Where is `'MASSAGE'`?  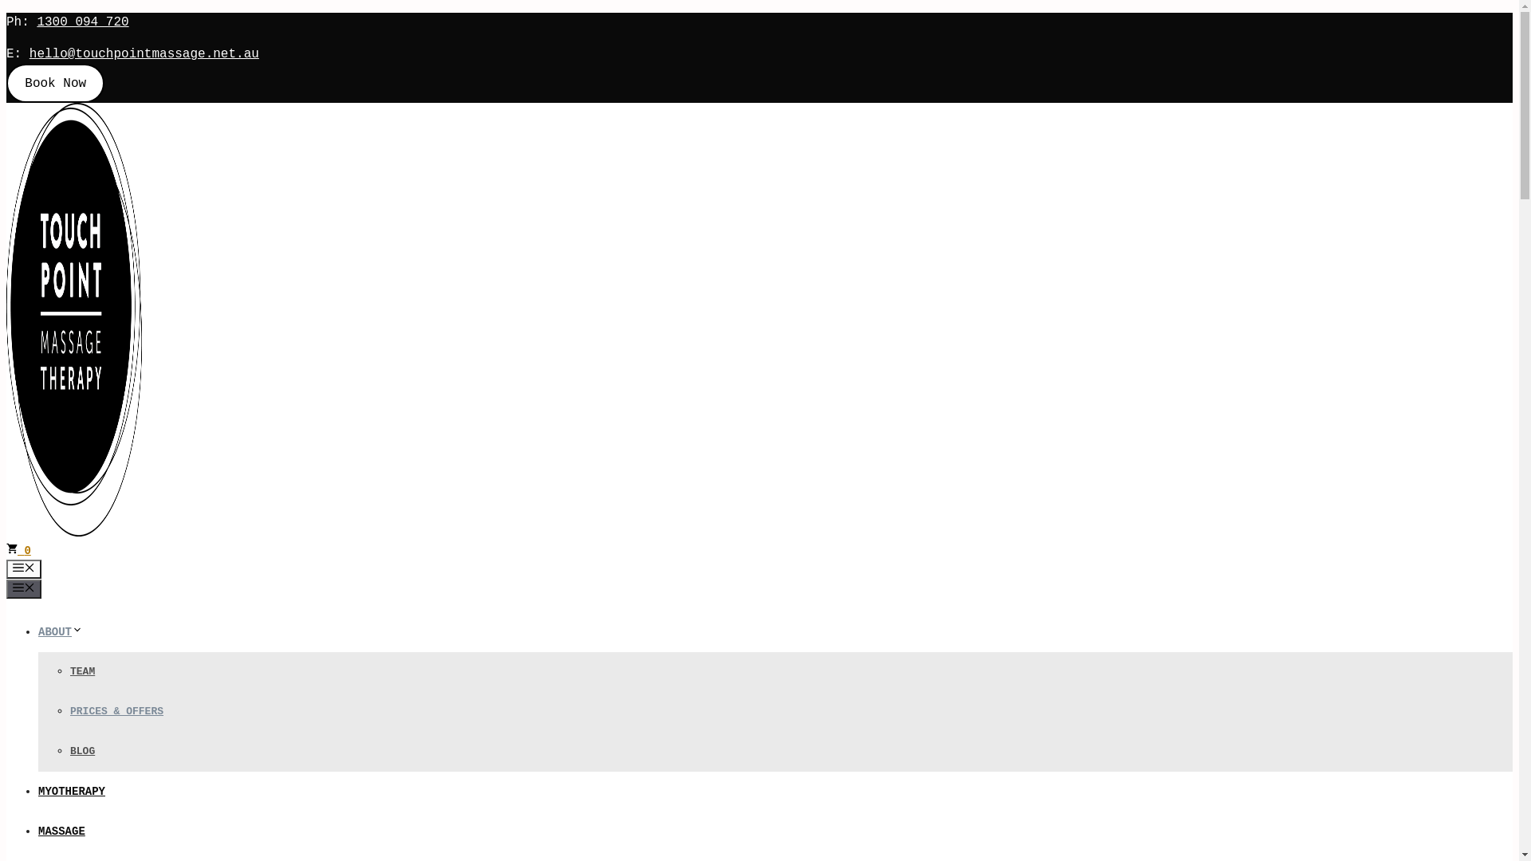 'MASSAGE' is located at coordinates (61, 830).